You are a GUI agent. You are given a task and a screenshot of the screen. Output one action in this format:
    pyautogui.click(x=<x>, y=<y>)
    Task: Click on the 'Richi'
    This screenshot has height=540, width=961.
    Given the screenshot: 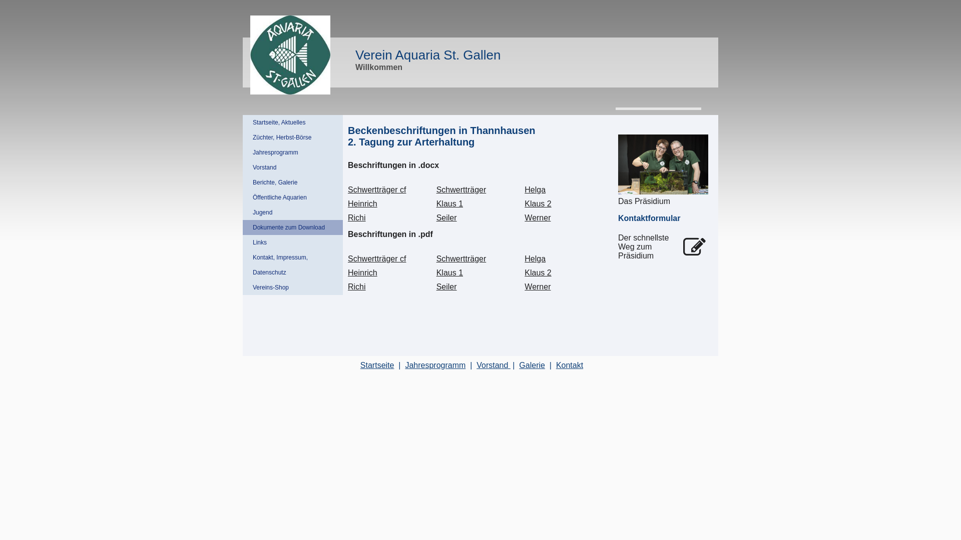 What is the action you would take?
    pyautogui.click(x=348, y=217)
    